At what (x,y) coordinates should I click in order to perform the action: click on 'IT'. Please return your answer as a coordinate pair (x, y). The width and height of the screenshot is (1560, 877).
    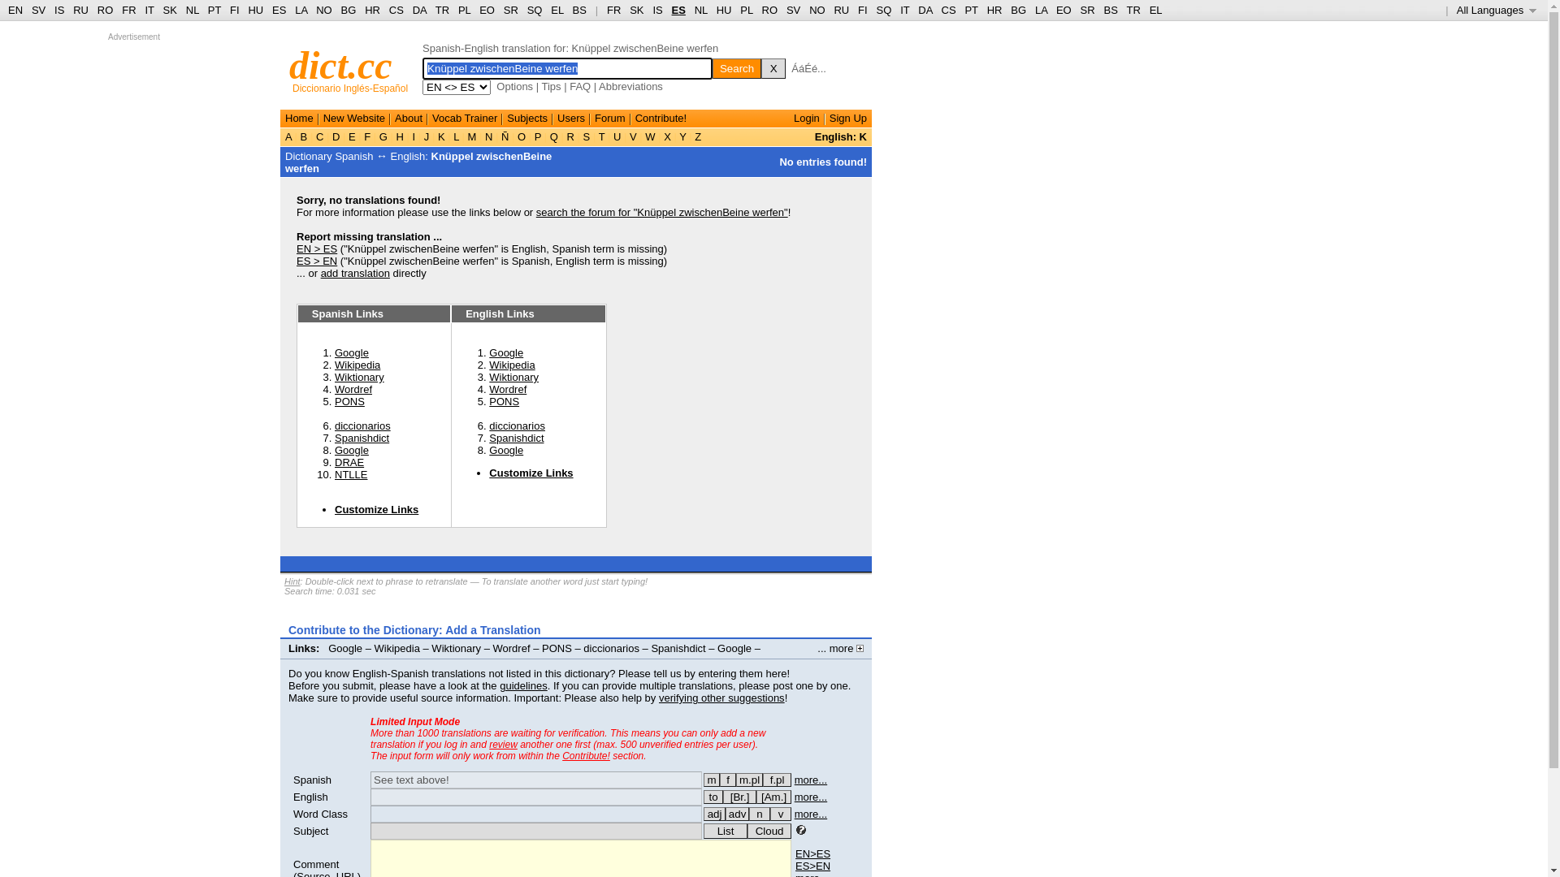
    Looking at the image, I should click on (149, 10).